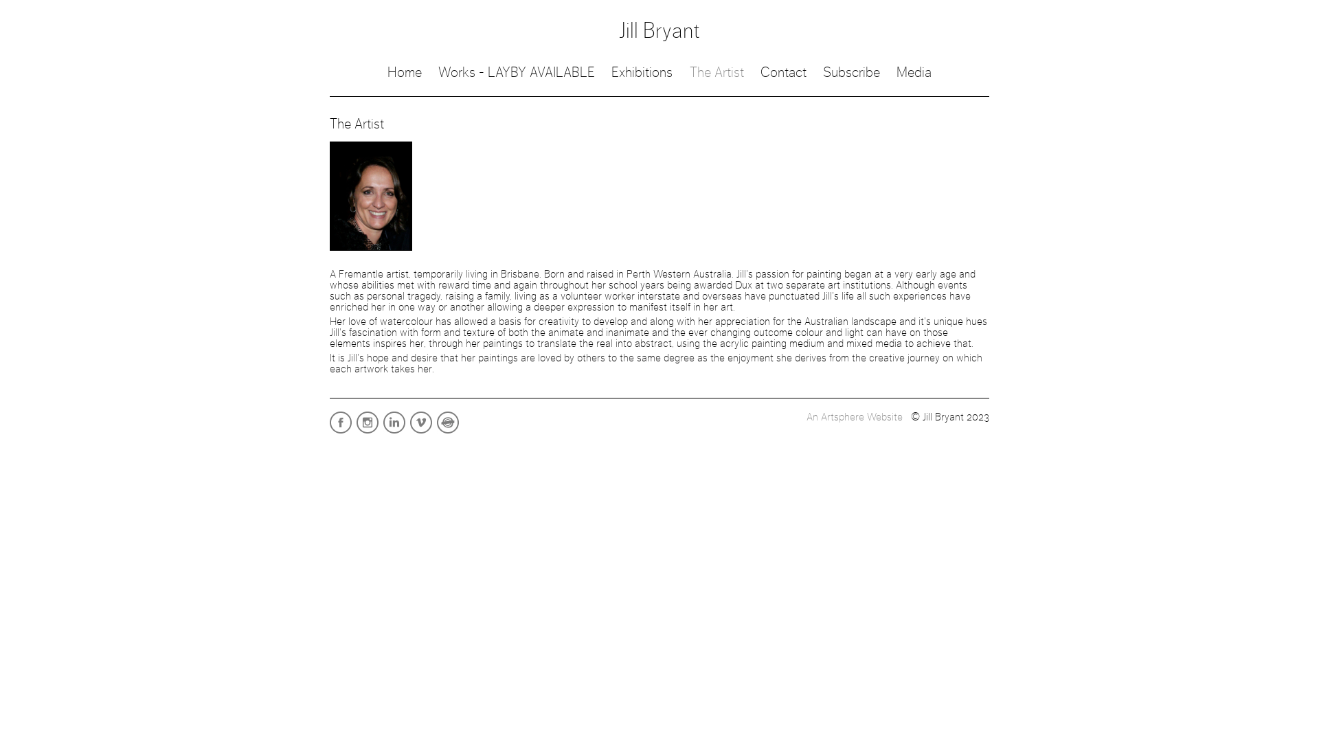 The image size is (1319, 742). Describe the element at coordinates (850, 72) in the screenshot. I see `'Subscribe'` at that location.